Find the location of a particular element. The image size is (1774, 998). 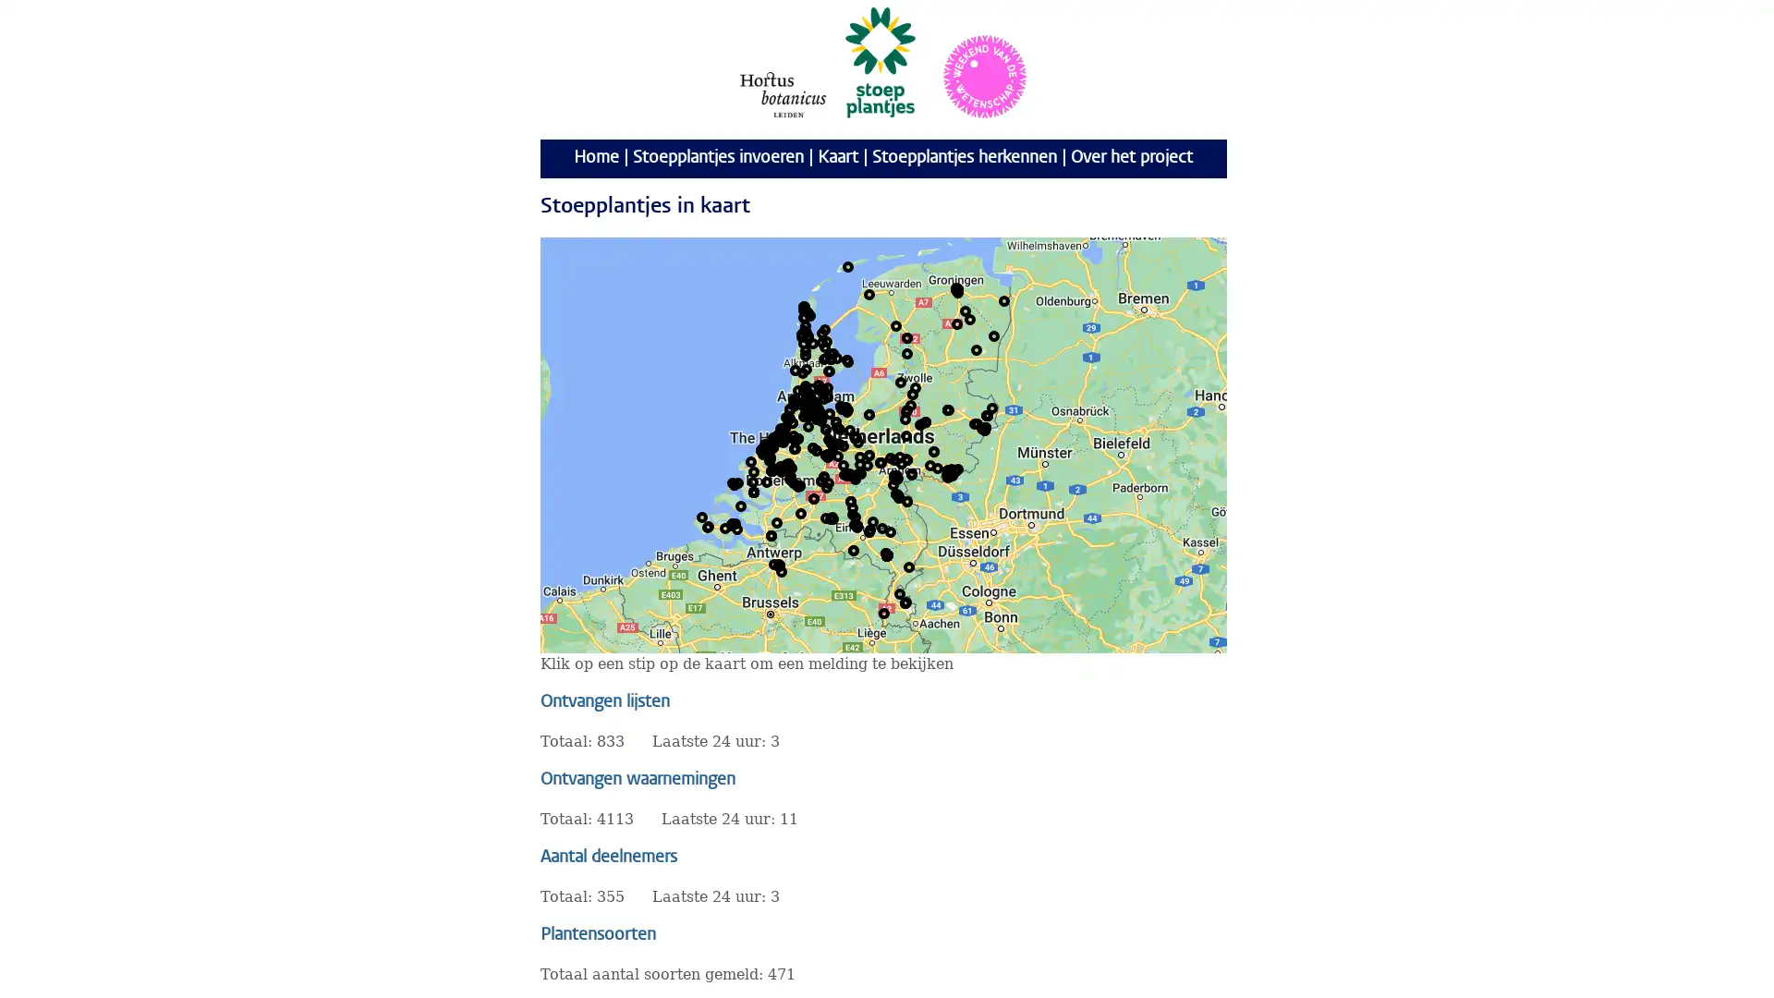

Telling van Alice op 25 juni 2022 is located at coordinates (734, 483).